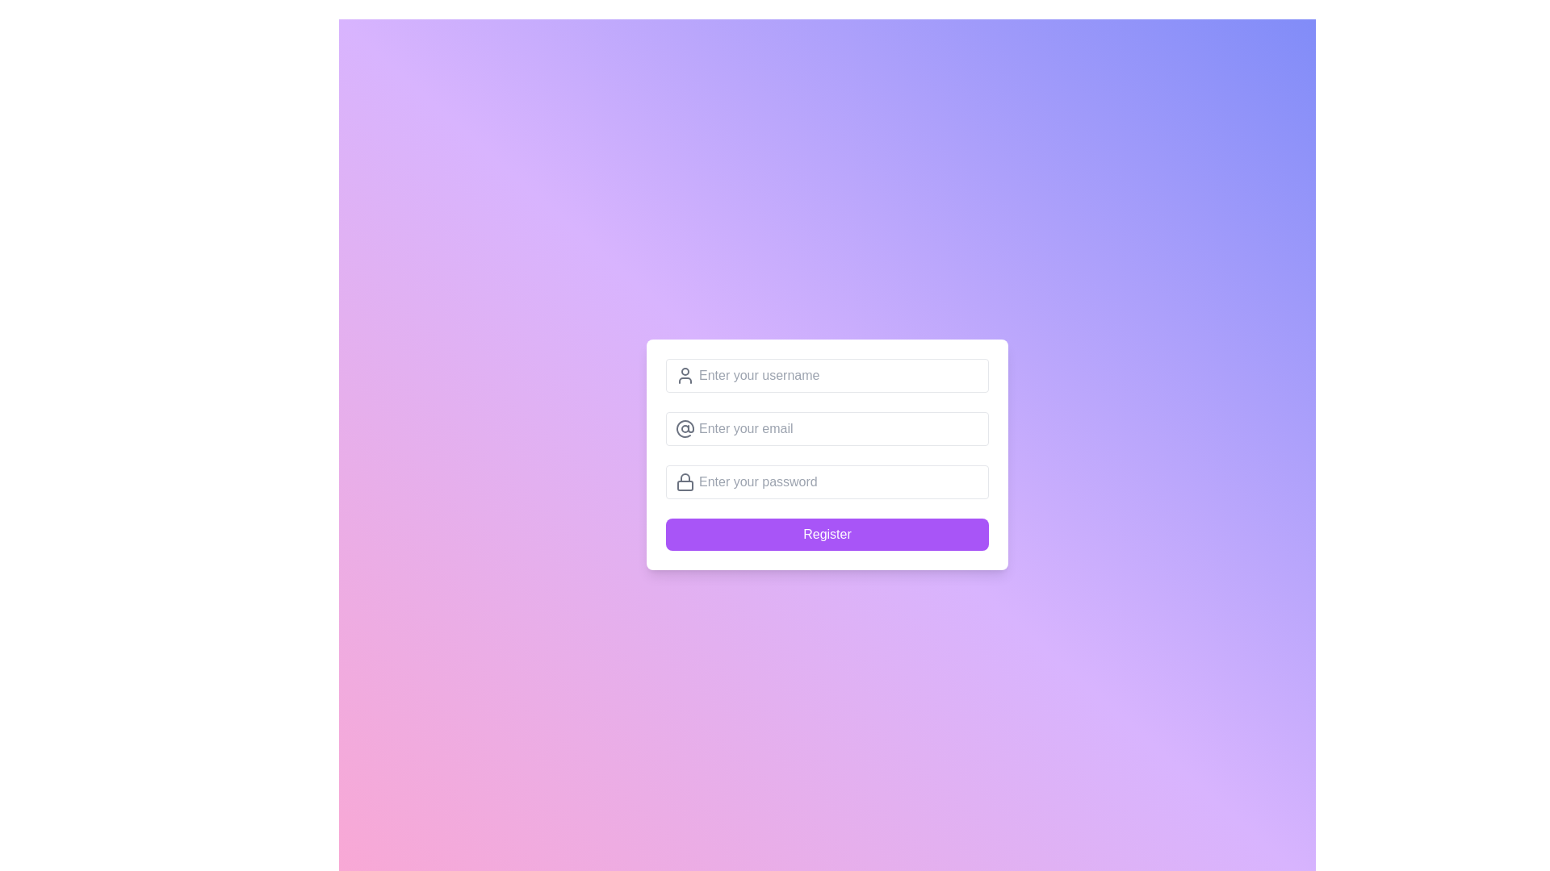  What do you see at coordinates (685, 485) in the screenshot?
I see `the lock body rectangle icon, which is part of the lock symbol located to the left of the 'Enter your password' input field` at bounding box center [685, 485].